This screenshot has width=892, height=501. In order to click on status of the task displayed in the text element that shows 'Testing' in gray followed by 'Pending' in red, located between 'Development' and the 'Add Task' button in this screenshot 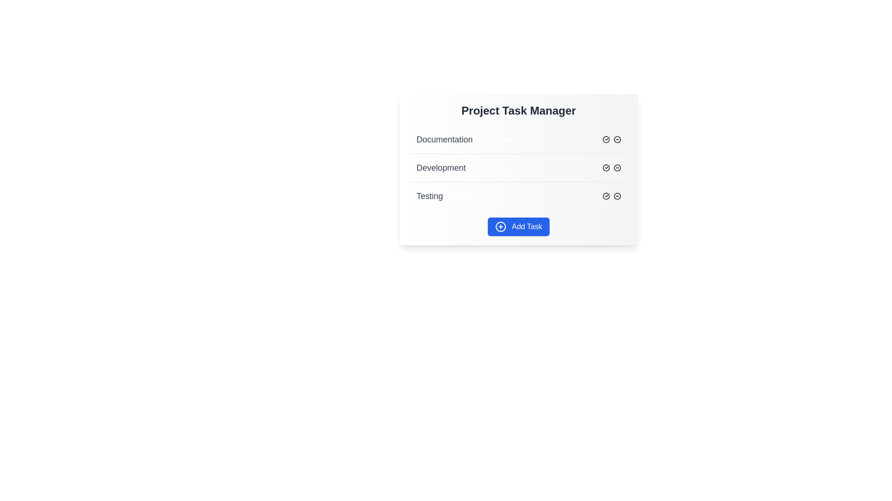, I will do `click(448, 196)`.